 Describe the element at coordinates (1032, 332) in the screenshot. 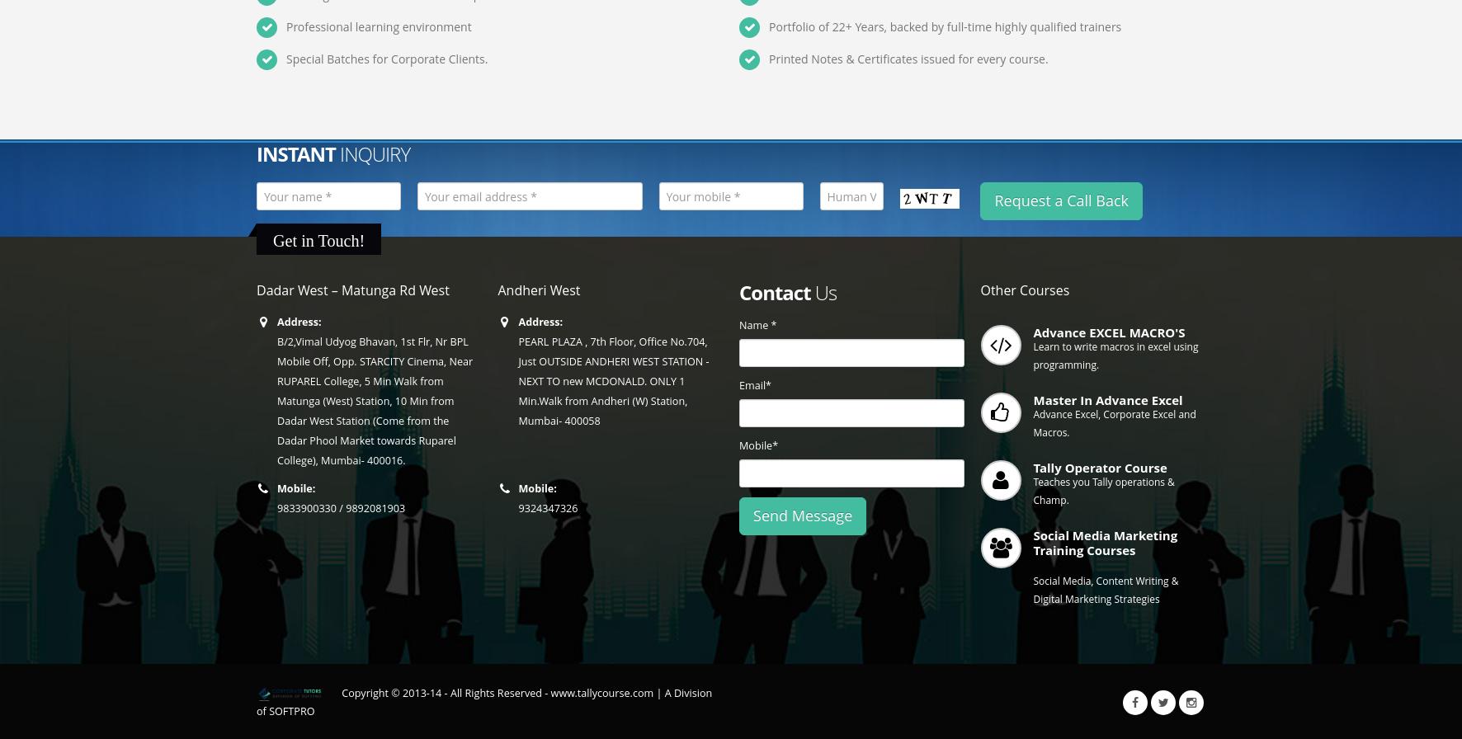

I see `'Advance EXCEL MACRO'S'` at that location.